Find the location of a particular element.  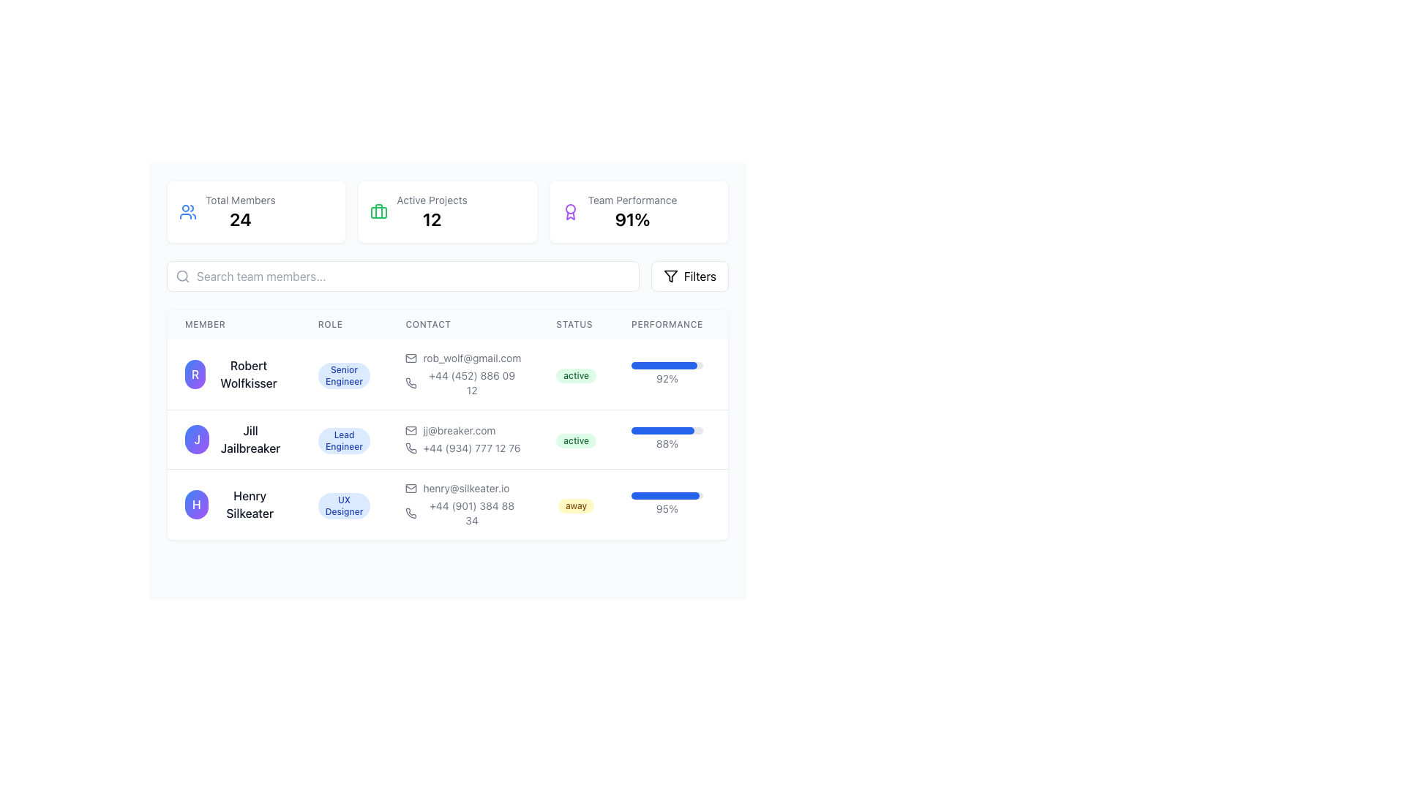

the text label displaying the user's name, which is located in the second row of a team member list, immediately to the right of the circular avatar icon with the letter 'J' is located at coordinates (250, 439).